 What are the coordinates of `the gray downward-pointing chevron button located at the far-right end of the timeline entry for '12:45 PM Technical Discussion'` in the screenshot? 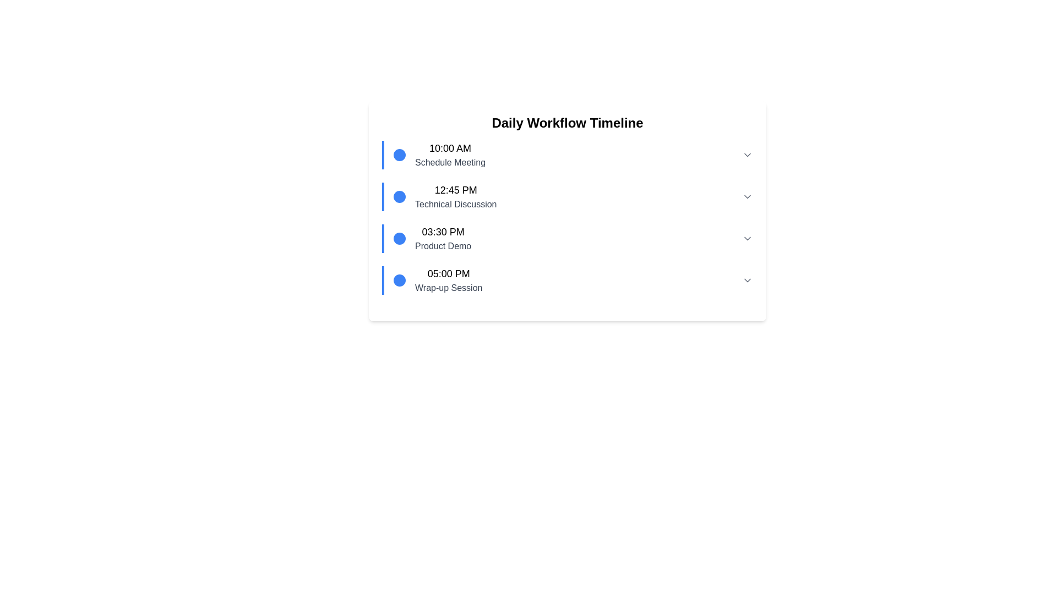 It's located at (748, 196).